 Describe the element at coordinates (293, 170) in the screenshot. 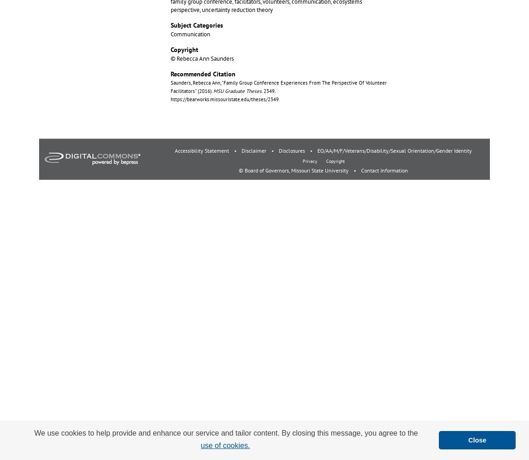

I see `'© Board of Governors, Missouri State University'` at that location.